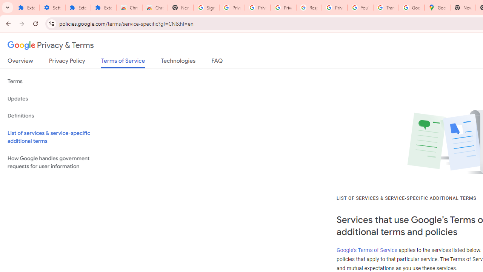 The image size is (483, 272). I want to click on 'New Tab', so click(180, 8).